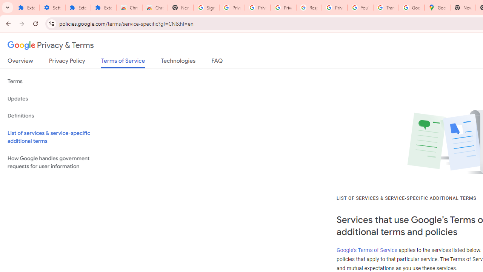 The image size is (483, 272). I want to click on 'New Tab', so click(180, 8).